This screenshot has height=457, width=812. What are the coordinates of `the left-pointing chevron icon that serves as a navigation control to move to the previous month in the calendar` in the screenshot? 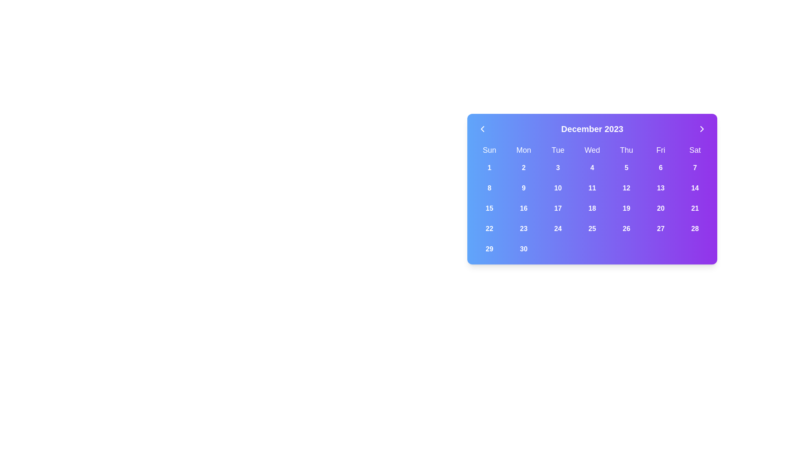 It's located at (483, 129).